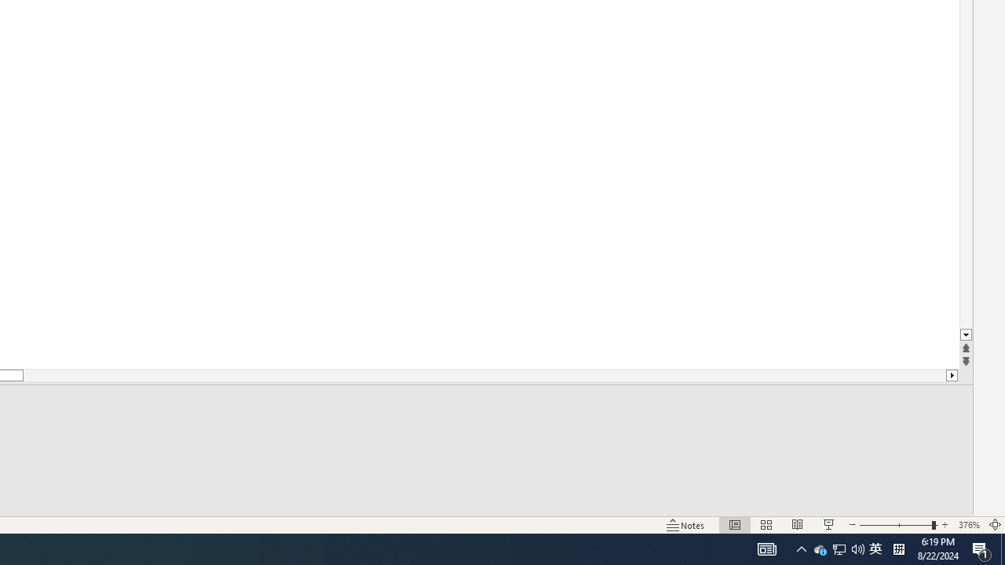 This screenshot has width=1005, height=565. What do you see at coordinates (968, 525) in the screenshot?
I see `'Zoom 376%'` at bounding box center [968, 525].